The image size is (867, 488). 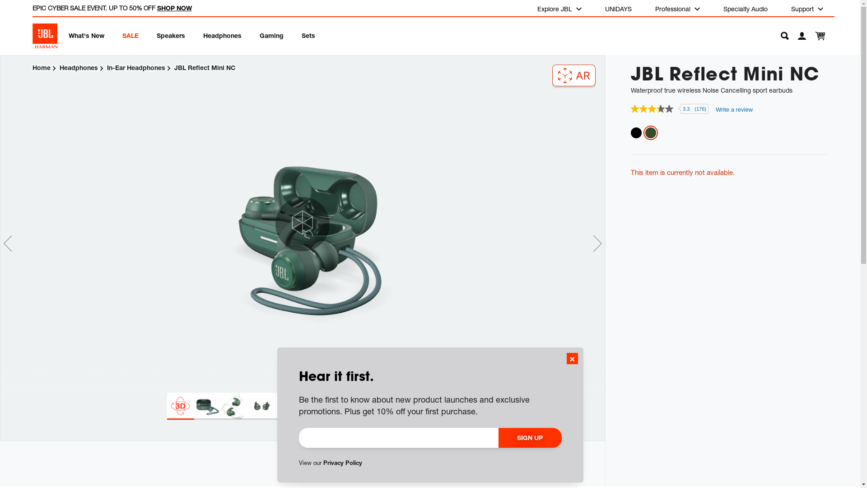 I want to click on 'Professional', so click(x=648, y=9).